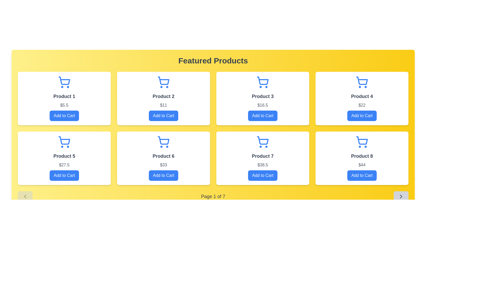 The height and width of the screenshot is (283, 504). Describe the element at coordinates (361, 82) in the screenshot. I see `the shopping cart icon located at the top-center of the fourth product card, which signifies the action of adding a product to the cart` at that location.